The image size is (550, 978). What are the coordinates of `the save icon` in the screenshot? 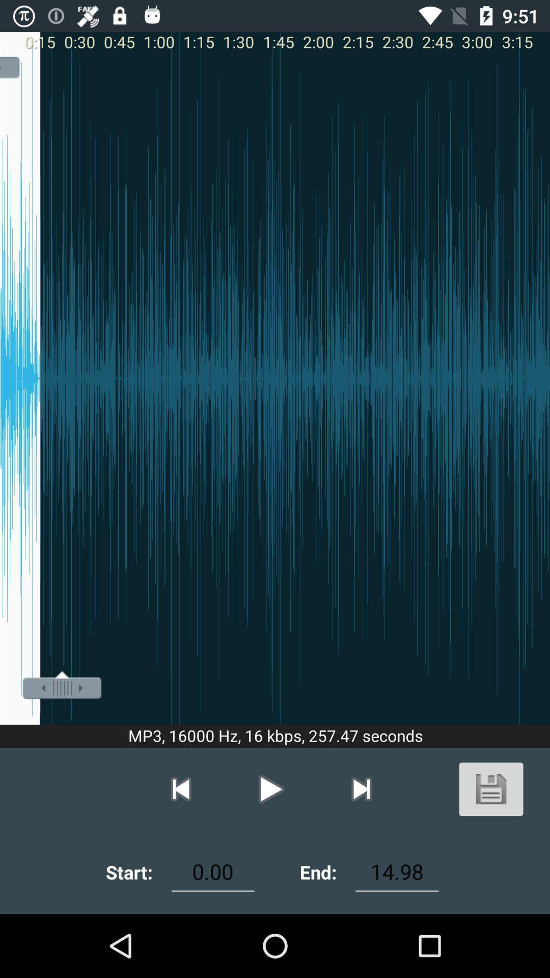 It's located at (490, 789).